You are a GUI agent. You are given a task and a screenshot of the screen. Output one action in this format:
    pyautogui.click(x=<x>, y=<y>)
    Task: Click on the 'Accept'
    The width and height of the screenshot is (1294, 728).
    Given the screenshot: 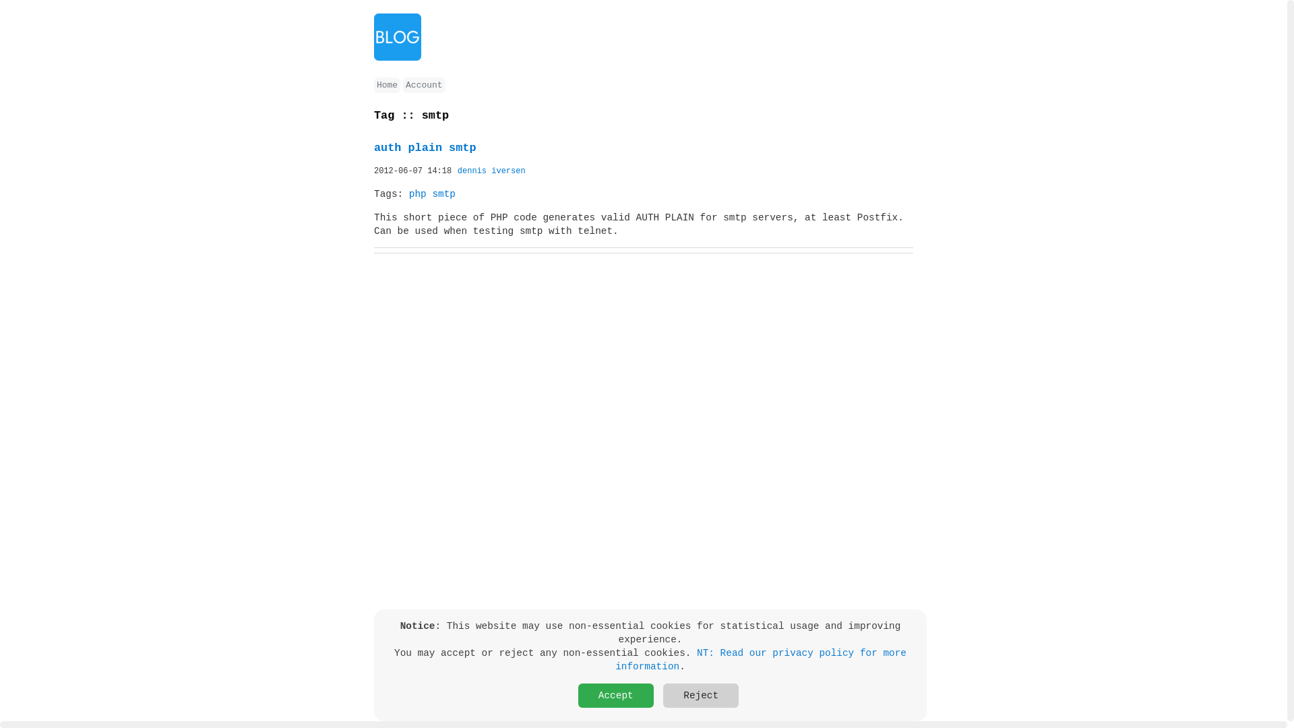 What is the action you would take?
    pyautogui.click(x=615, y=696)
    